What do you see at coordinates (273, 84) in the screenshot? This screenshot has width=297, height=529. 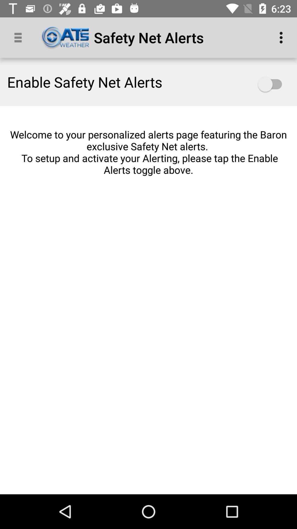 I see `safety alerts` at bounding box center [273, 84].